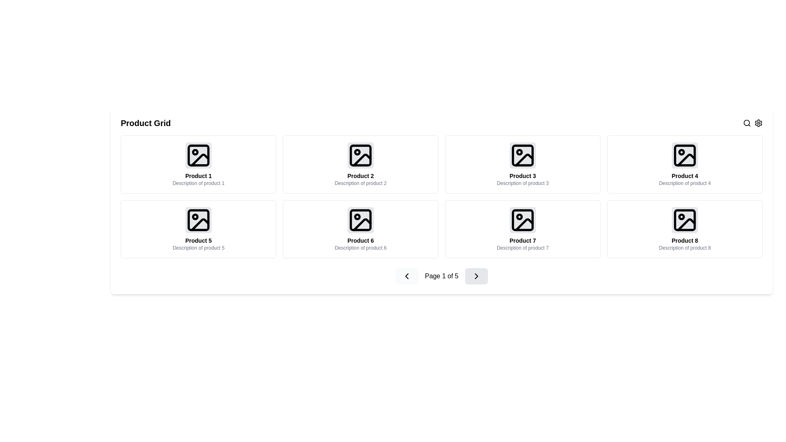 This screenshot has width=786, height=442. Describe the element at coordinates (198, 229) in the screenshot. I see `the grid item labeled 'Product 5'` at that location.